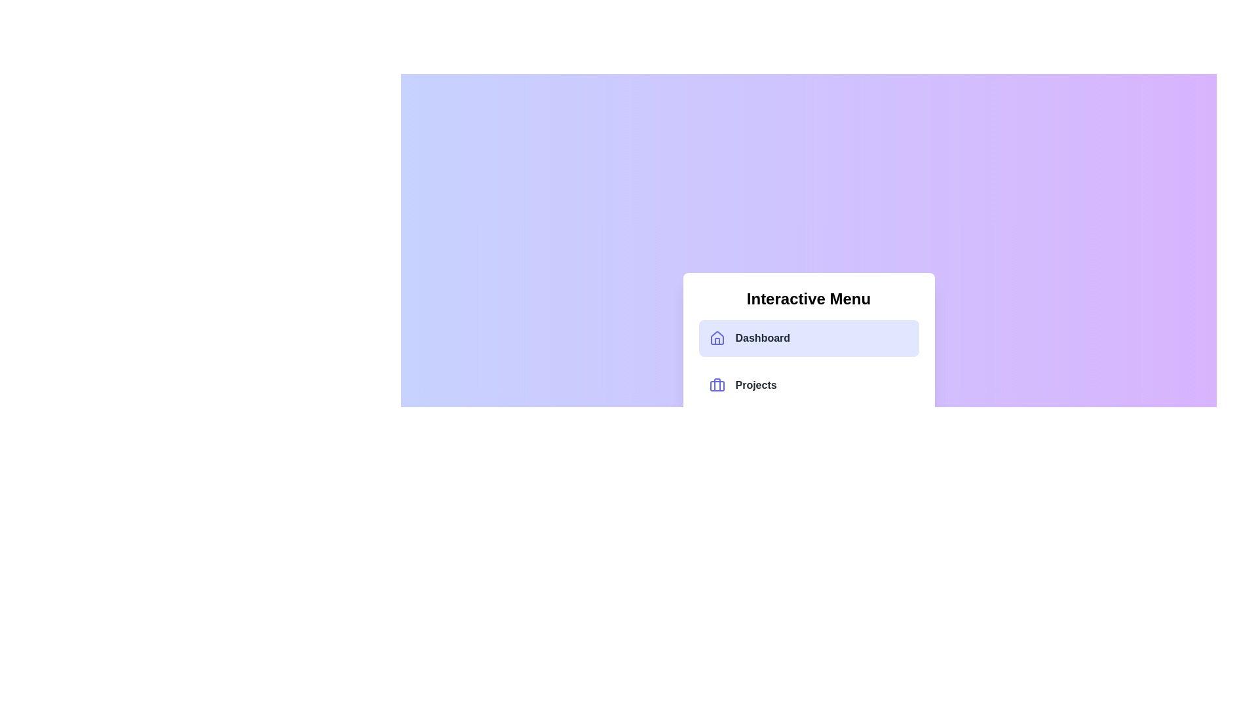  Describe the element at coordinates (808, 384) in the screenshot. I see `the menu item corresponding to Projects` at that location.